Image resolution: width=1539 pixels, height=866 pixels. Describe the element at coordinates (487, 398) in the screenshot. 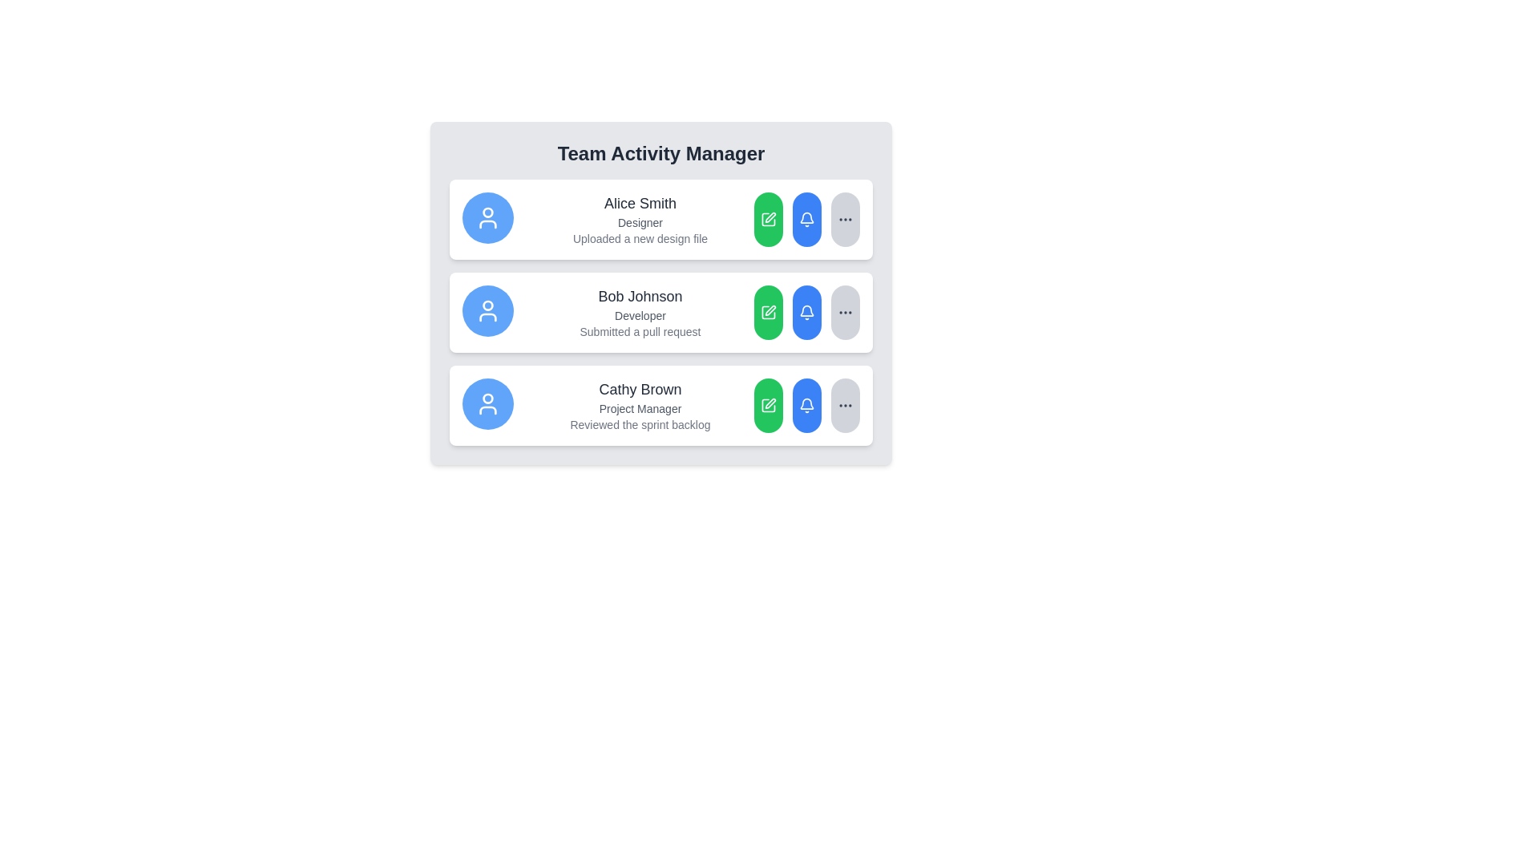

I see `the circular graphical representation of the user profile icon for 'Cathy Brown', located in the third row of the interface` at that location.